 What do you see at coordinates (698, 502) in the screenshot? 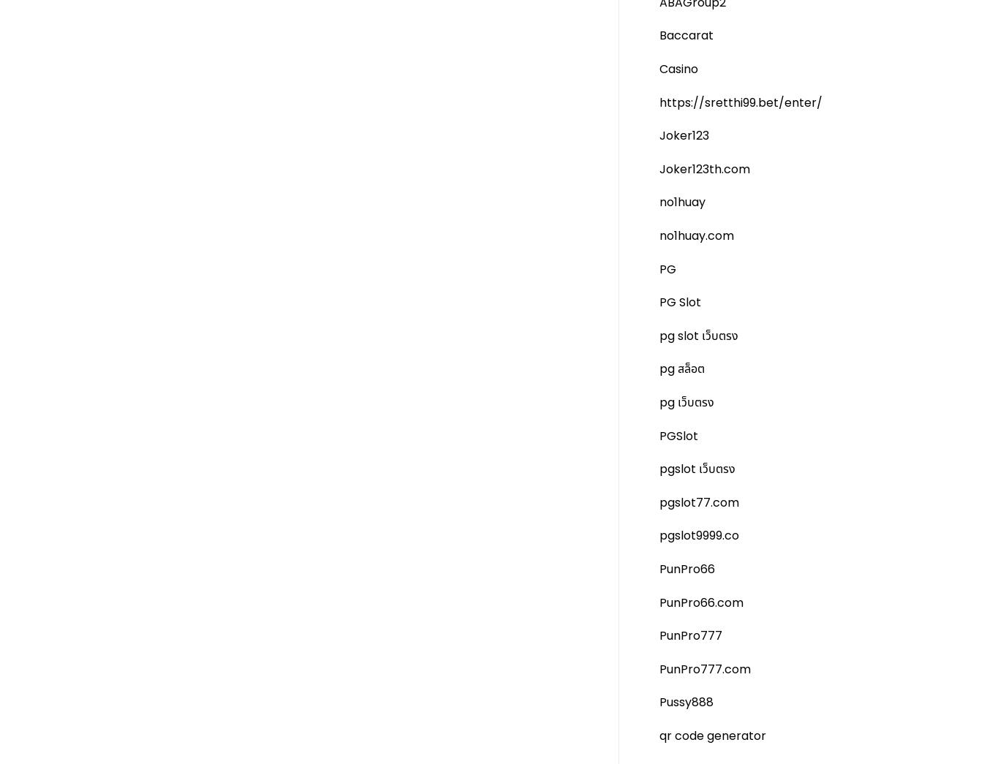
I see `'pgslot77.com'` at bounding box center [698, 502].